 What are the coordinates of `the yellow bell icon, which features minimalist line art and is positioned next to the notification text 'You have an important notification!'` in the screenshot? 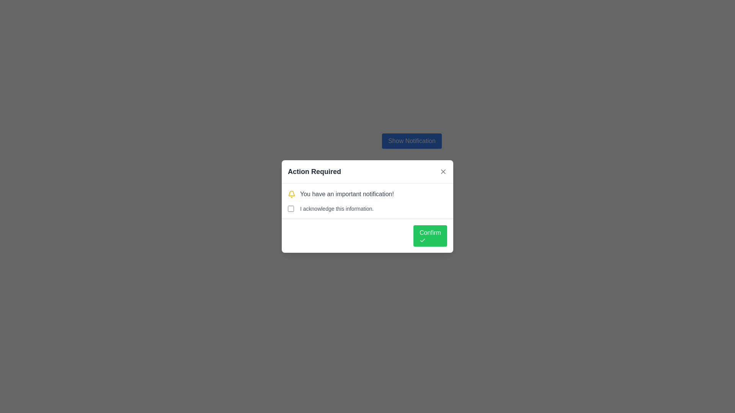 It's located at (291, 194).